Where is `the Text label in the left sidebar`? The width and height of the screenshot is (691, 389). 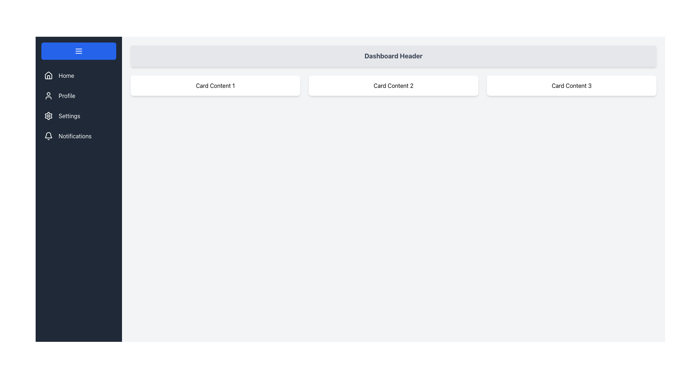 the Text label in the left sidebar is located at coordinates (67, 95).